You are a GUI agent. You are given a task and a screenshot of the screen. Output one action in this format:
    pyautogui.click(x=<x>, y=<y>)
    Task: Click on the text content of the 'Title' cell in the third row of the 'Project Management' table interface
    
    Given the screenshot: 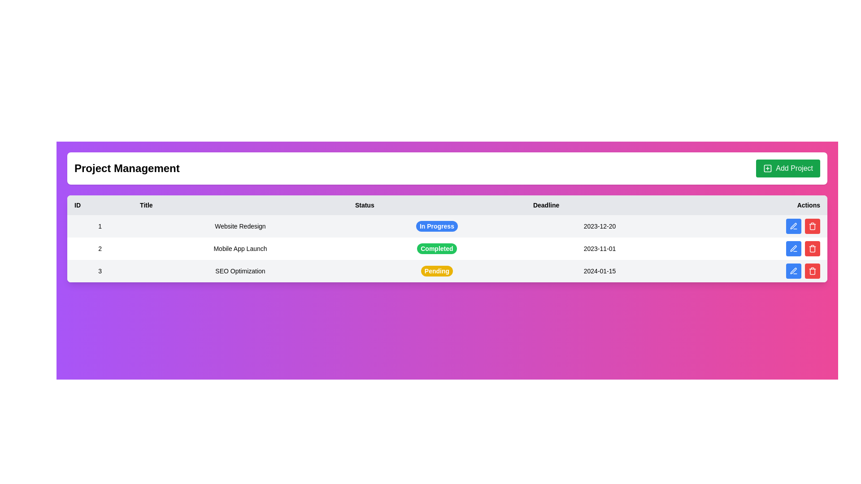 What is the action you would take?
    pyautogui.click(x=240, y=271)
    